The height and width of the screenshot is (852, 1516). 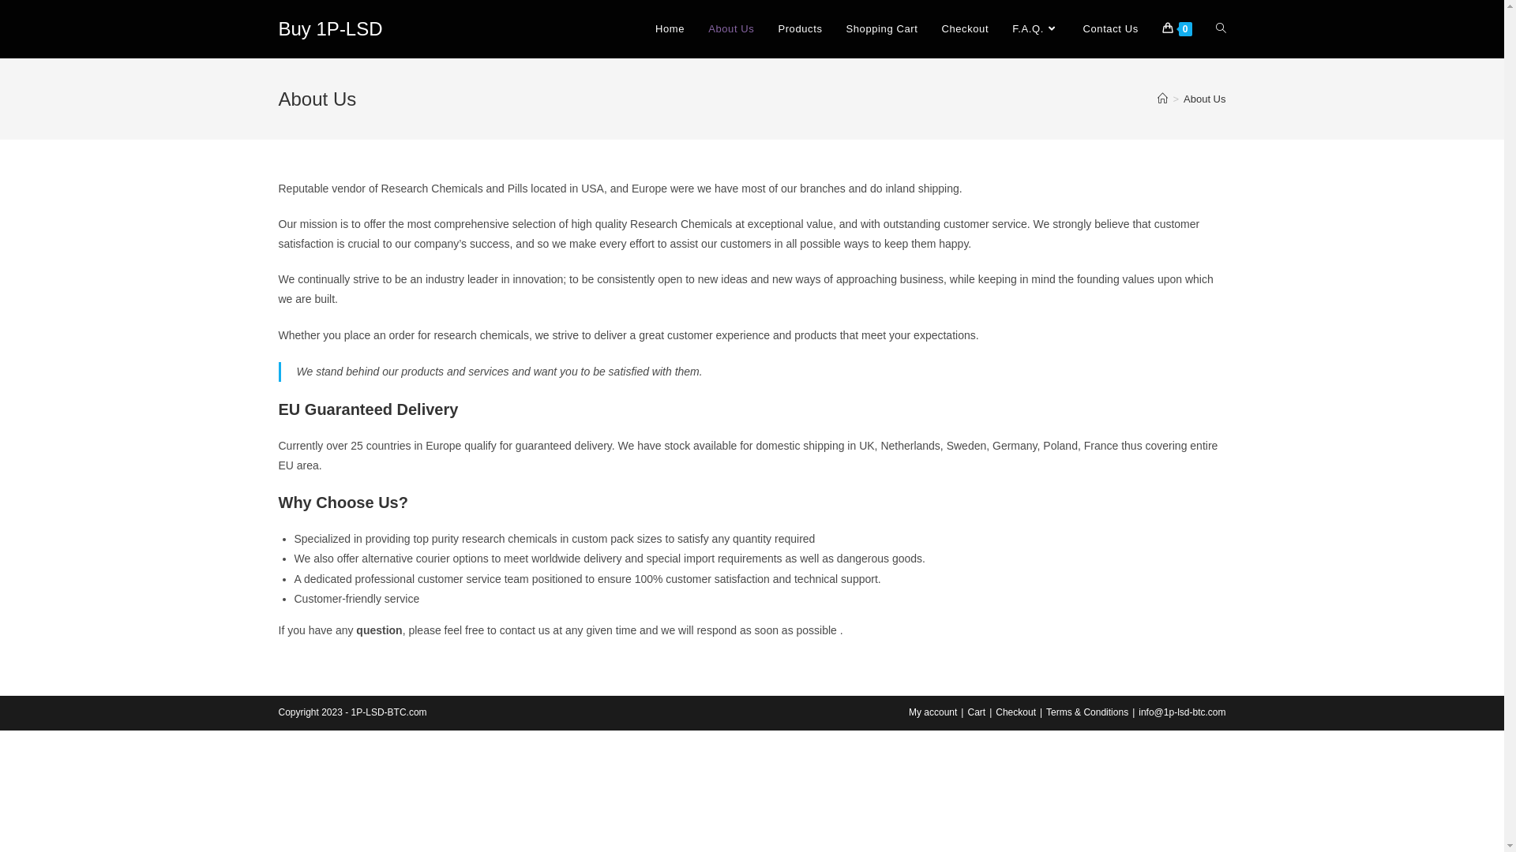 I want to click on 'info@1p-lsd-btc.com', so click(x=1182, y=712).